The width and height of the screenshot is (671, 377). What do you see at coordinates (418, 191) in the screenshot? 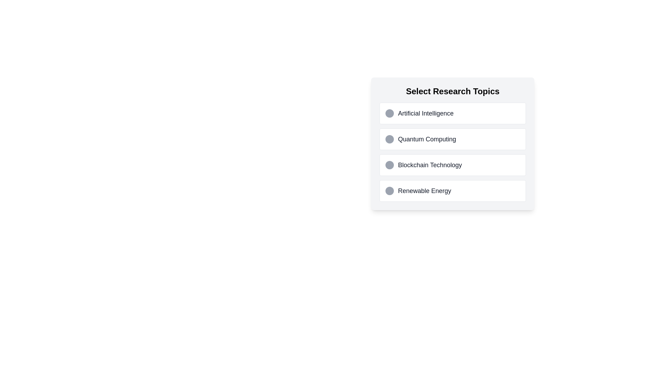
I see `the selectable option labeled 'Renewable Energy' which includes a dark gray circular button and black text, positioned as the fourth option in a vertical list` at bounding box center [418, 191].